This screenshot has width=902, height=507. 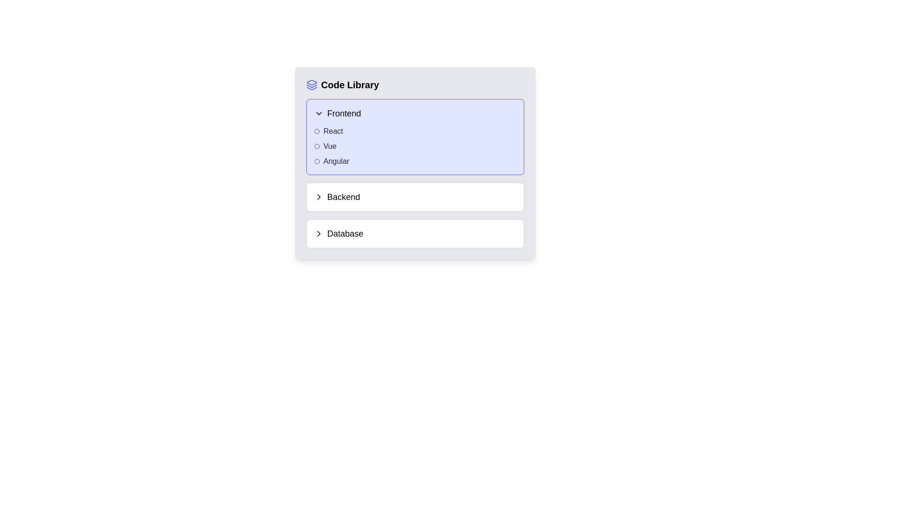 What do you see at coordinates (317, 131) in the screenshot?
I see `the SVG-based circle element that indicates the selection of the 'React' option, located to the left of the 'React' text label in the 'Frontend' section under 'Code Library'` at bounding box center [317, 131].